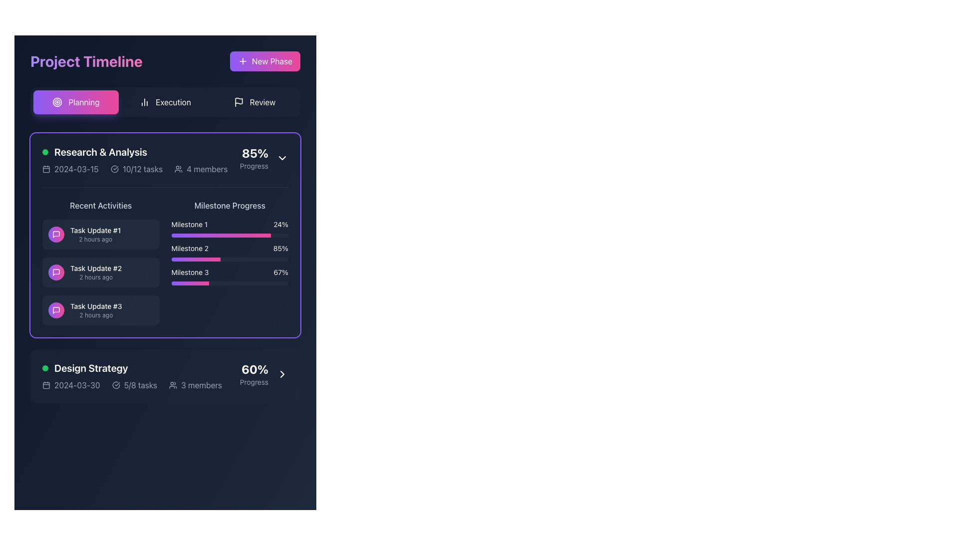 The width and height of the screenshot is (958, 539). Describe the element at coordinates (96, 277) in the screenshot. I see `timestamp text label located directly below the title 'Task Update #2', which indicates when the associated task update occurred` at that location.